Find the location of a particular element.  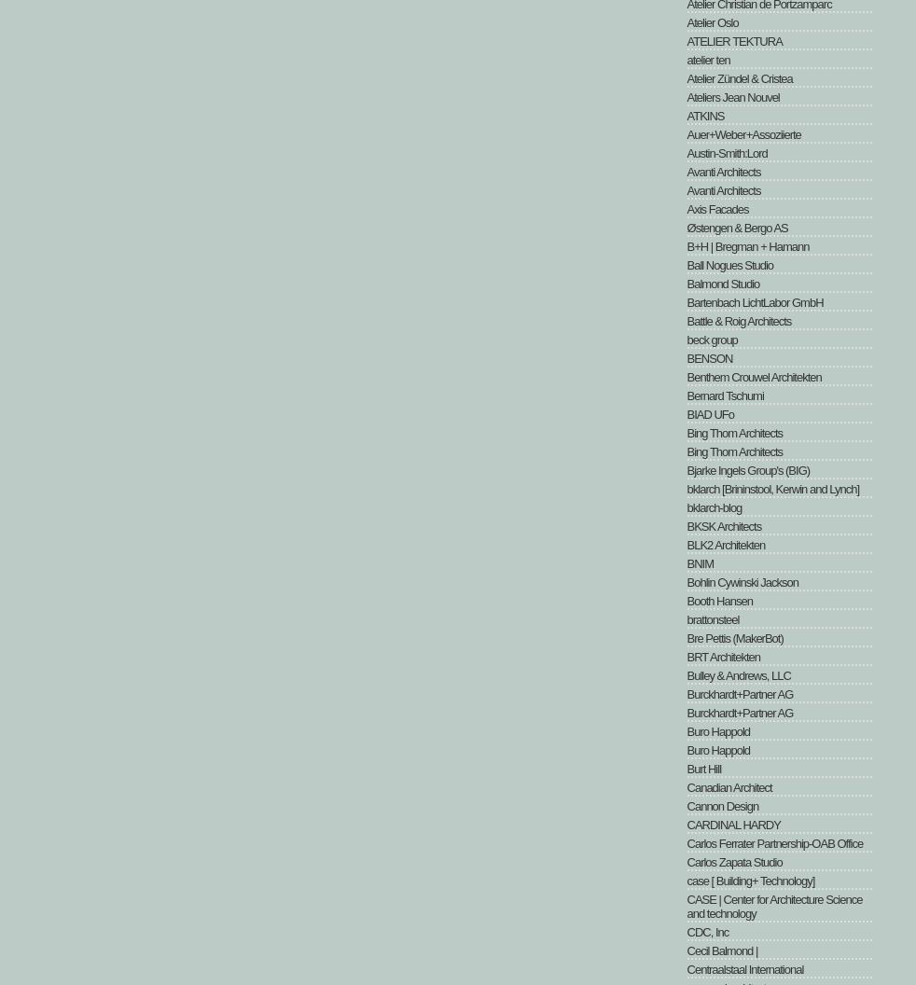

'Balmond Studio' is located at coordinates (722, 284).